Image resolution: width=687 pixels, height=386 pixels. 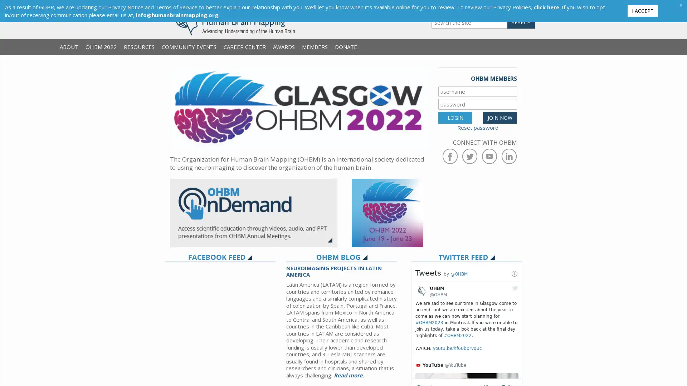 I want to click on Close, so click(x=680, y=5).